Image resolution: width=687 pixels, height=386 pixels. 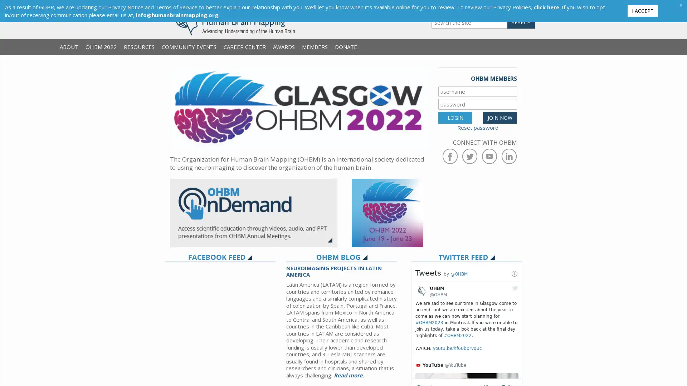 I want to click on Close, so click(x=680, y=5).